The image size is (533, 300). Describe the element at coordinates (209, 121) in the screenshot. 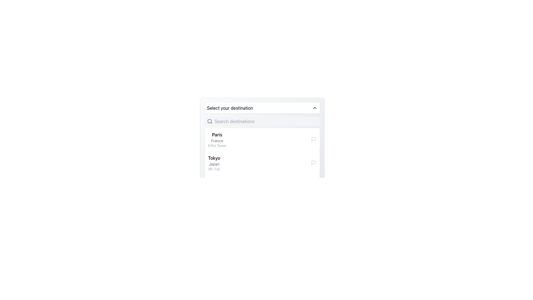

I see `the hollow circular part of the search icon located in the top-left corner of the dropdown menu panel` at that location.